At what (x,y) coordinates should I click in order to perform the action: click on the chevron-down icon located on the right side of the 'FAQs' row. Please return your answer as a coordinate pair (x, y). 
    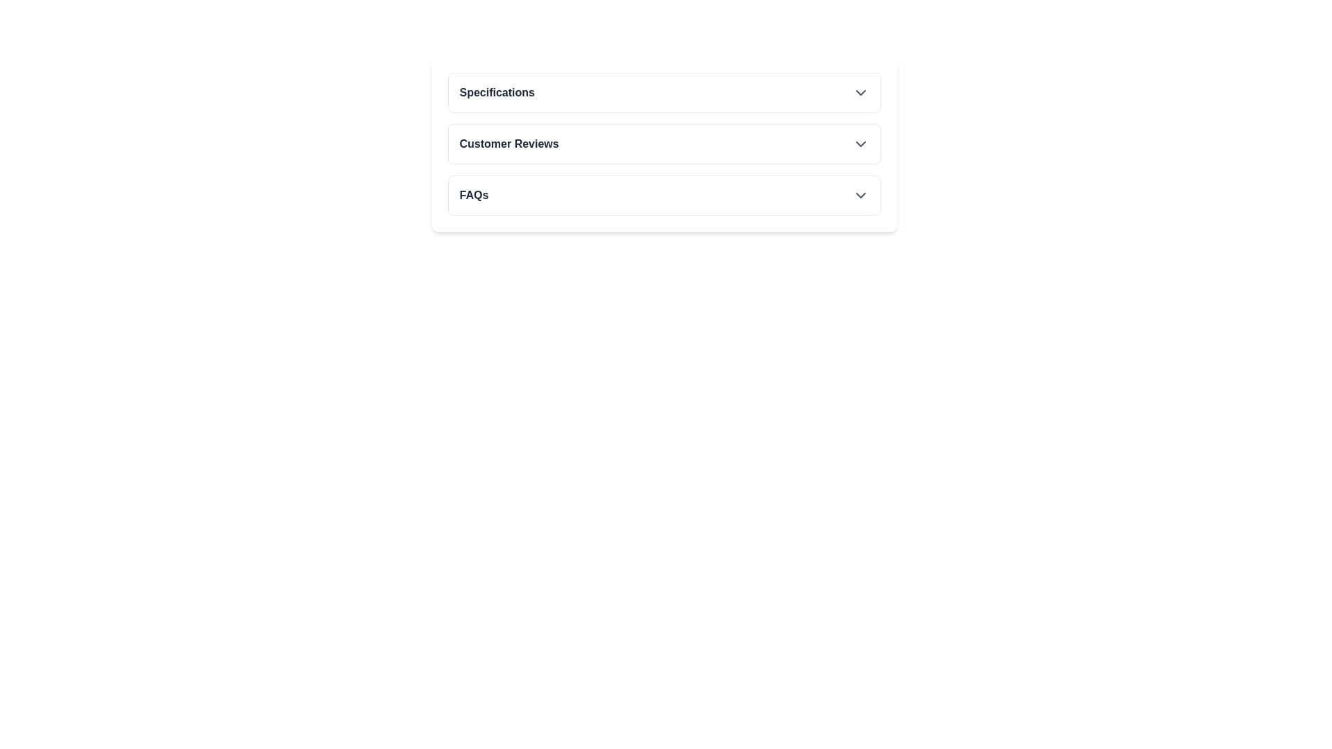
    Looking at the image, I should click on (860, 195).